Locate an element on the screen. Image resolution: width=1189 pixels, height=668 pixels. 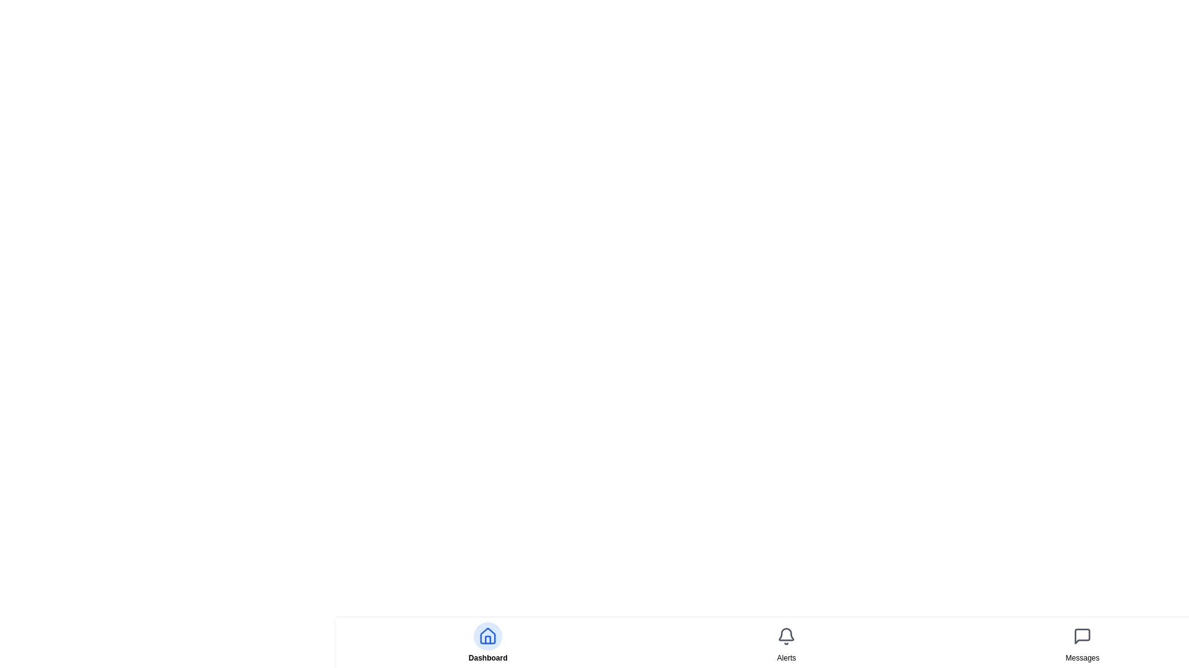
the tab labeled Dashboard is located at coordinates (487, 657).